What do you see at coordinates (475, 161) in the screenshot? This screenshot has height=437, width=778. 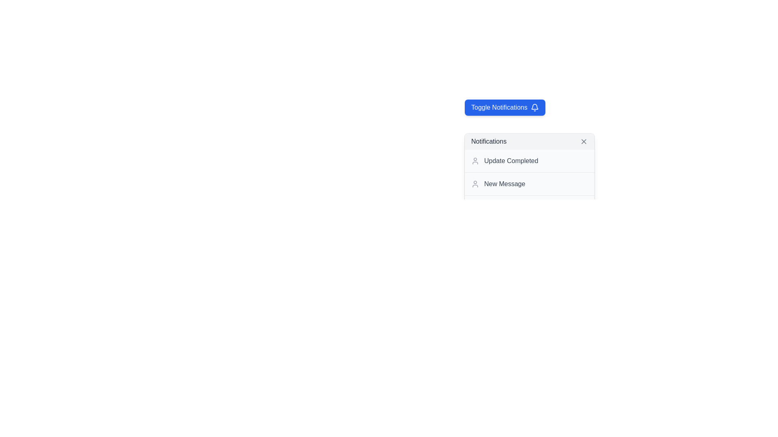 I see `the user profile icon associated with the 'Update Completed' notification, which is positioned to the left of the text within a dropdown component under the 'Notifications' heading` at bounding box center [475, 161].